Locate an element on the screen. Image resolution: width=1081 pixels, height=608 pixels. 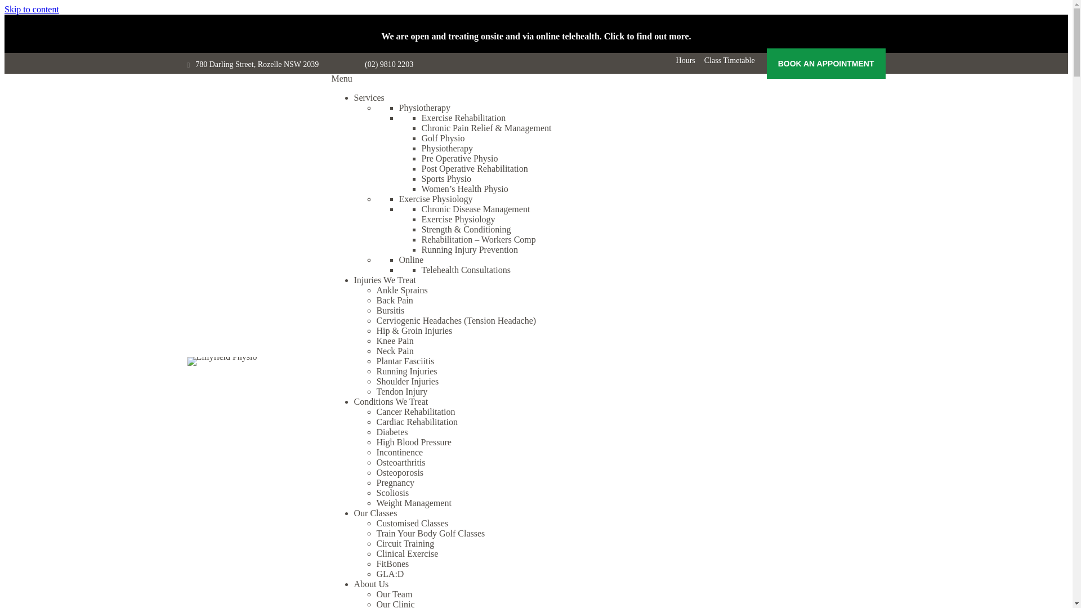
'High Blood Pressure' is located at coordinates (376, 441).